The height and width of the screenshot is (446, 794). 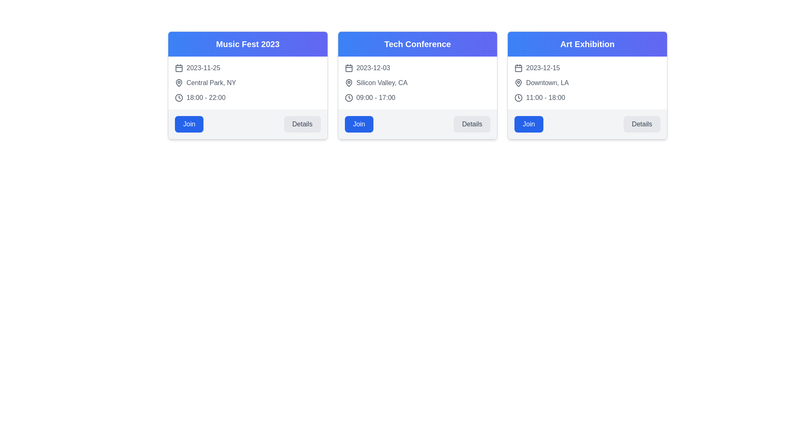 I want to click on the 'Details' button with a gray background and rounded corners located in the lower-right corner of the 'Tech Conference' card, so click(x=472, y=124).